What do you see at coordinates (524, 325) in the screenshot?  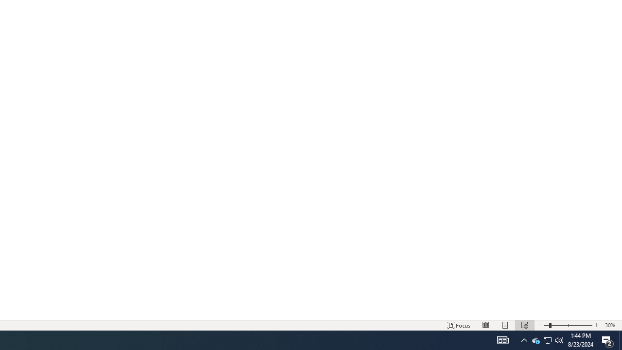 I see `'Web Layout'` at bounding box center [524, 325].